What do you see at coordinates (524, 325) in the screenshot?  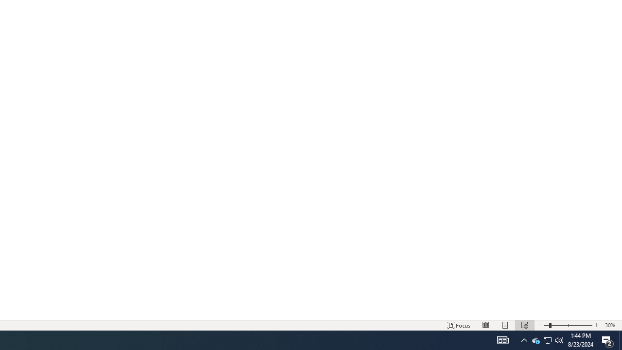 I see `'Web Layout'` at bounding box center [524, 325].